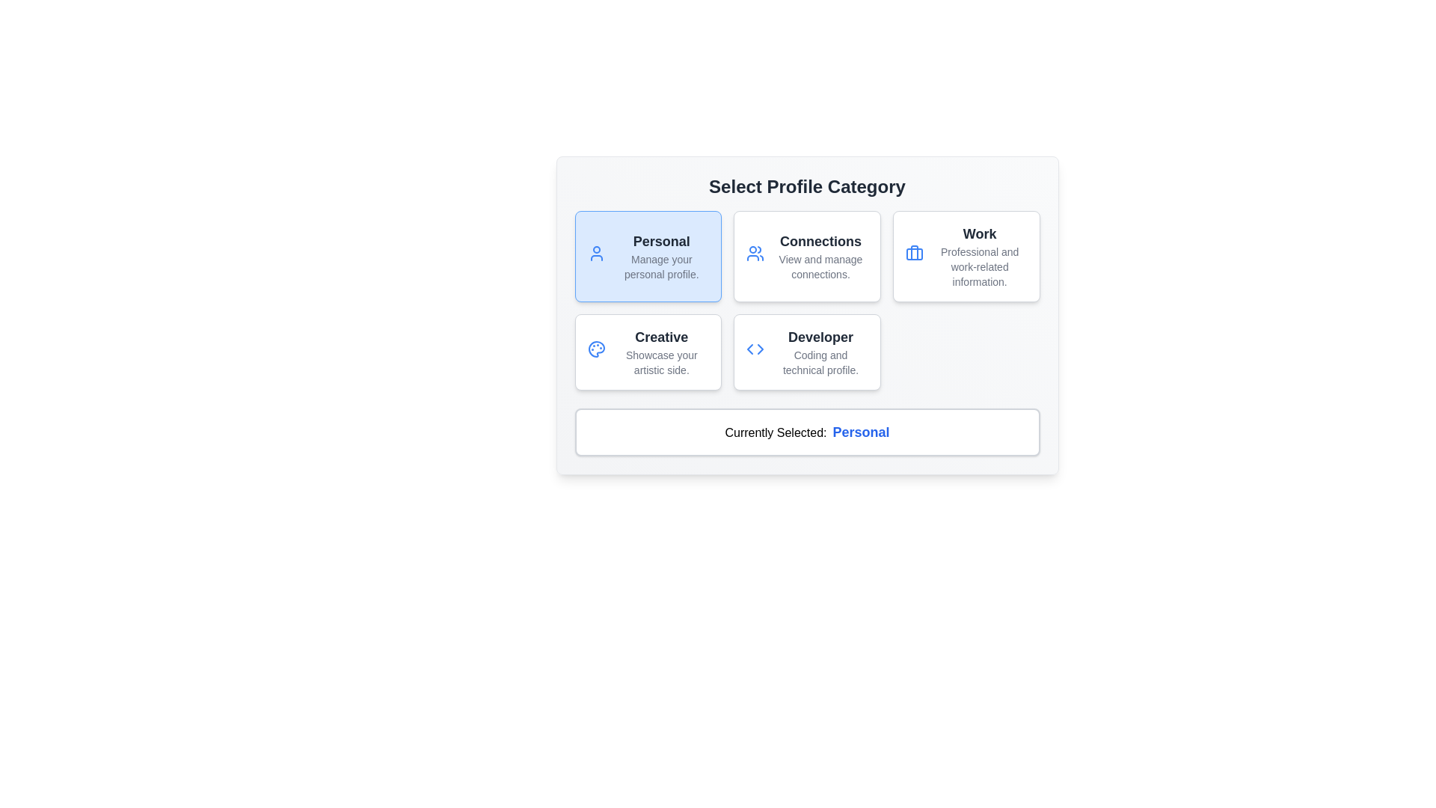 The image size is (1436, 808). I want to click on a category option within the grid layout under the heading 'Select Profile Category', so click(806, 300).